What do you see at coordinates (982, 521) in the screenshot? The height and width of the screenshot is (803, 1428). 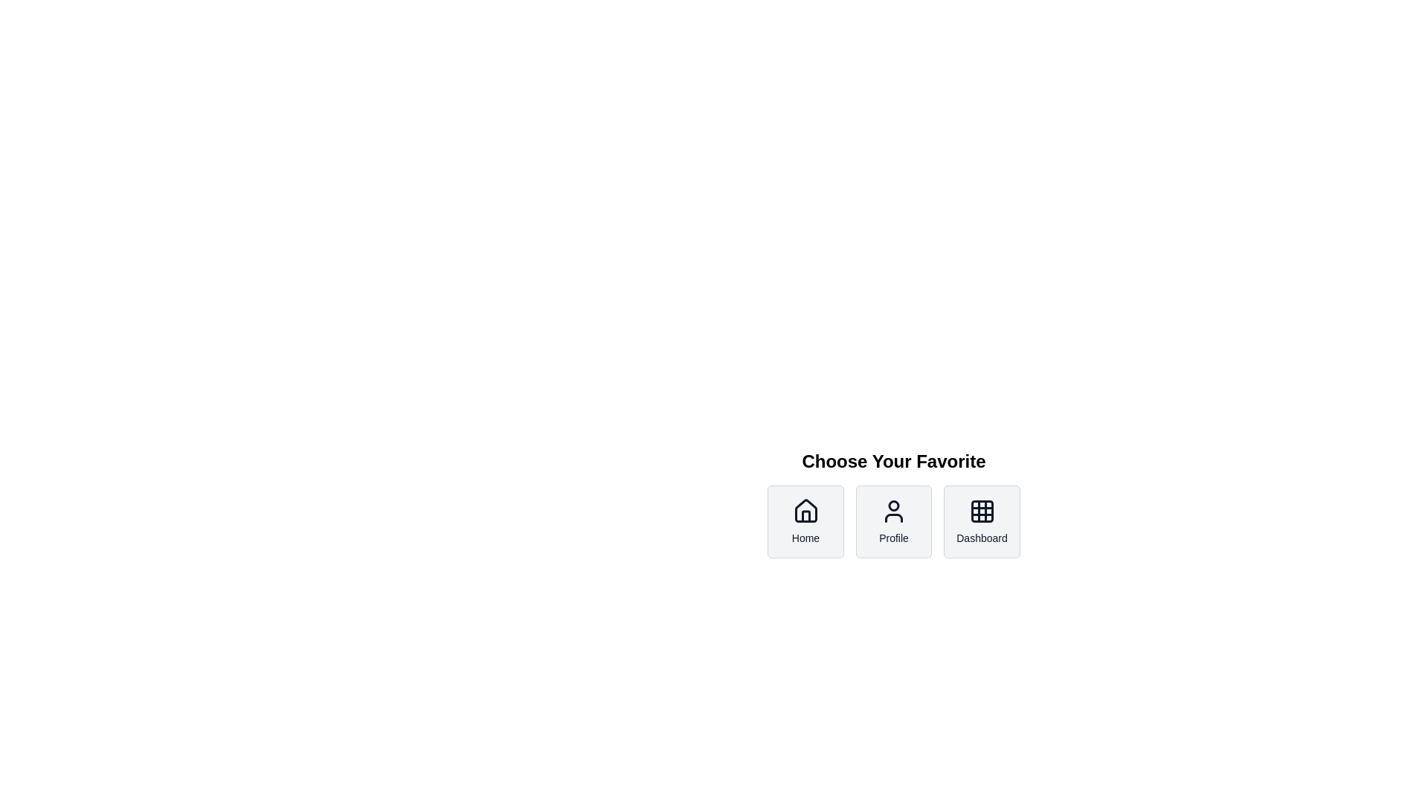 I see `the 'Dashboard' button, which is a rectangular button with rounded corners, light-gray background, and an icon of a grid above the text 'Dashboard'. It is the third button in a horizontal layout with 'Home' and 'Profile'` at bounding box center [982, 521].